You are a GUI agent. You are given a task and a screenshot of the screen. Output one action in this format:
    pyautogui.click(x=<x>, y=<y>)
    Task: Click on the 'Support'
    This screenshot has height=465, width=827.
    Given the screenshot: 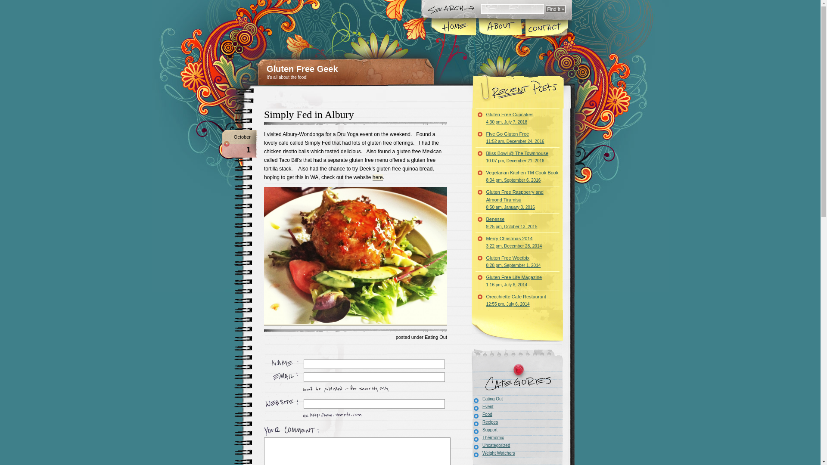 What is the action you would take?
    pyautogui.click(x=471, y=430)
    